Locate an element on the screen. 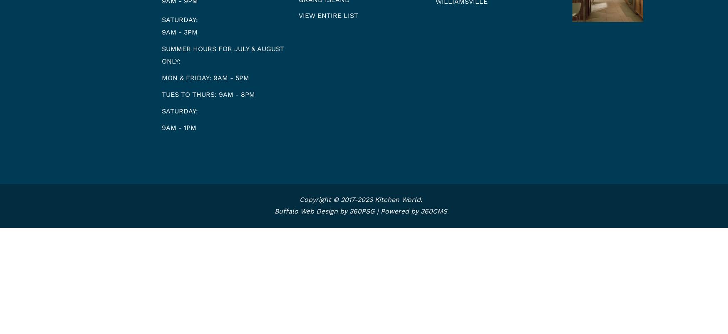 This screenshot has width=728, height=334. '9am - 3pm' is located at coordinates (179, 32).